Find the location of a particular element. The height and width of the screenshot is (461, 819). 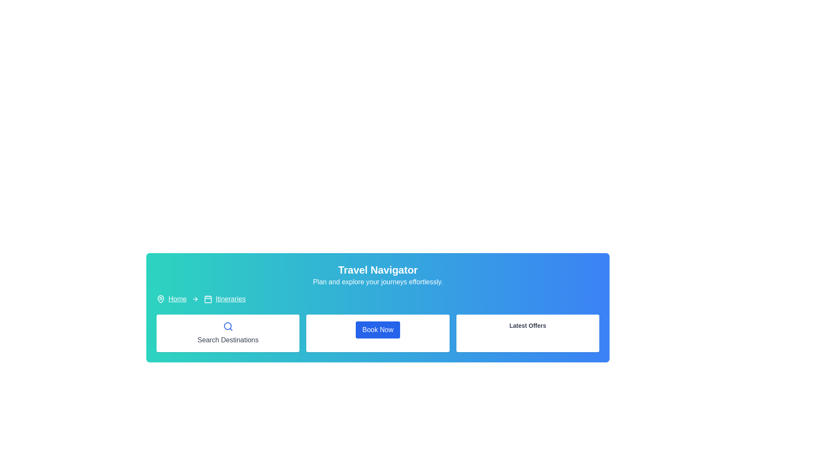

the calendar icon representing the 'Itineraries' section in the breadcrumb navigation is located at coordinates (208, 299).